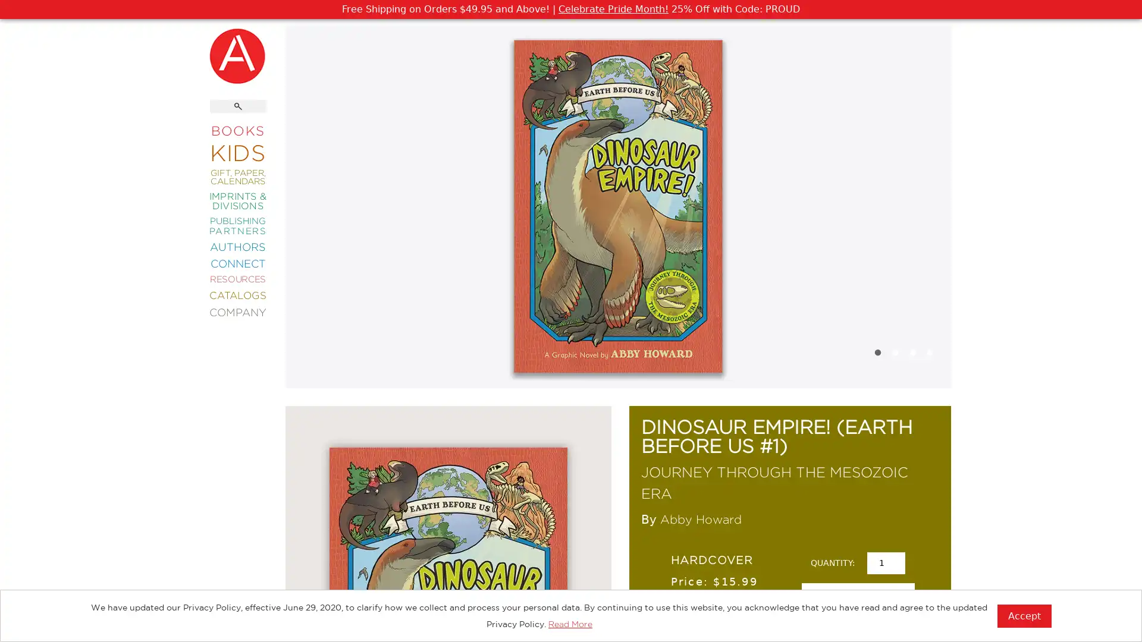 This screenshot has height=642, width=1142. What do you see at coordinates (237, 177) in the screenshot?
I see `GIFT, PAPER, CALENDARS` at bounding box center [237, 177].